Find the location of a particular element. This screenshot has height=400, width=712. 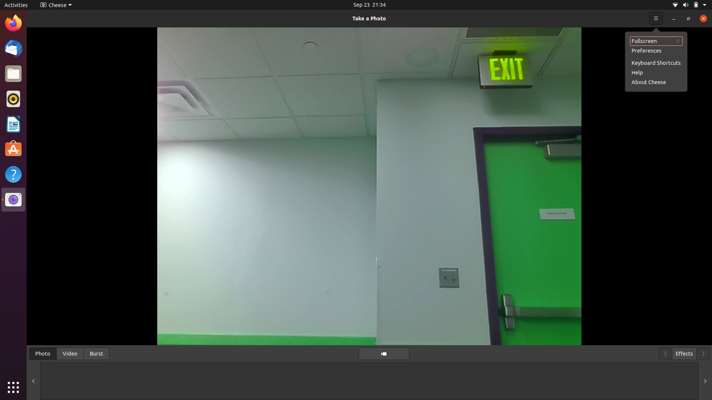

camera configurations is located at coordinates (54, 4).